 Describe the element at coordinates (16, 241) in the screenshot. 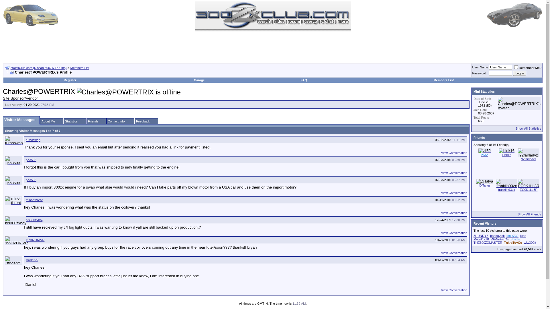

I see `'1990ZDRIVR'` at that location.